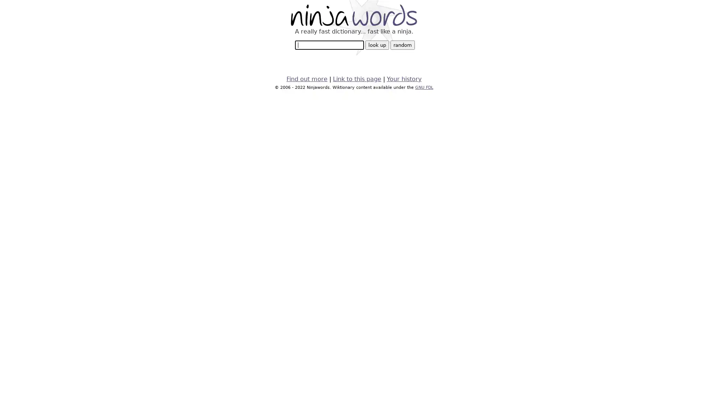 This screenshot has height=398, width=708. Describe the element at coordinates (402, 45) in the screenshot. I see `random` at that location.